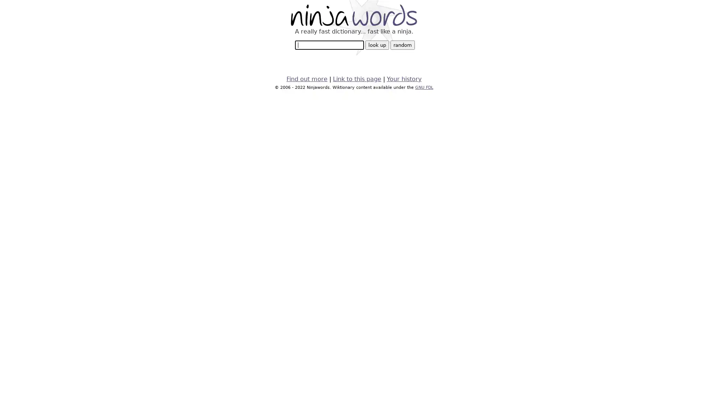 This screenshot has height=398, width=708. Describe the element at coordinates (402, 45) in the screenshot. I see `random` at that location.